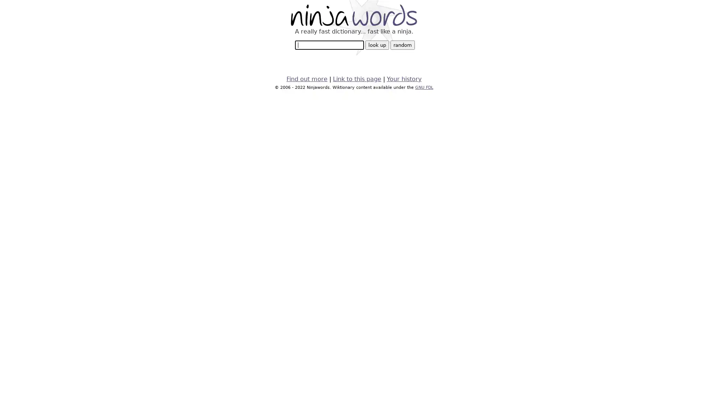 This screenshot has height=398, width=708. Describe the element at coordinates (402, 45) in the screenshot. I see `random` at that location.